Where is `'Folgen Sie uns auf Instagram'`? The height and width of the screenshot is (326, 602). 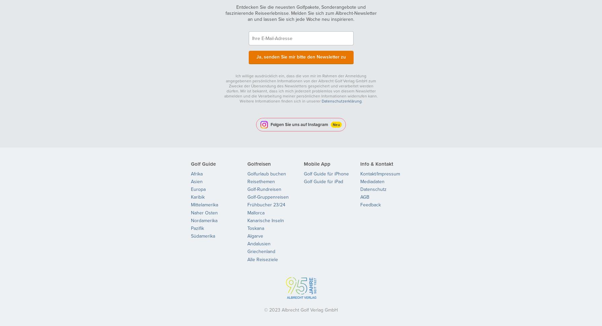
'Folgen Sie uns auf Instagram' is located at coordinates (299, 124).